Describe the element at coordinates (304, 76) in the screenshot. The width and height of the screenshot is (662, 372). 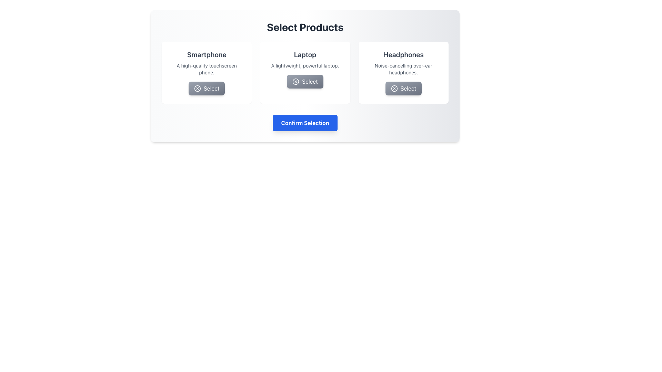
I see `the 'Select' button, which is a rounded rectangular button with a gray gradient background and white text, to trigger the scaling effect` at that location.